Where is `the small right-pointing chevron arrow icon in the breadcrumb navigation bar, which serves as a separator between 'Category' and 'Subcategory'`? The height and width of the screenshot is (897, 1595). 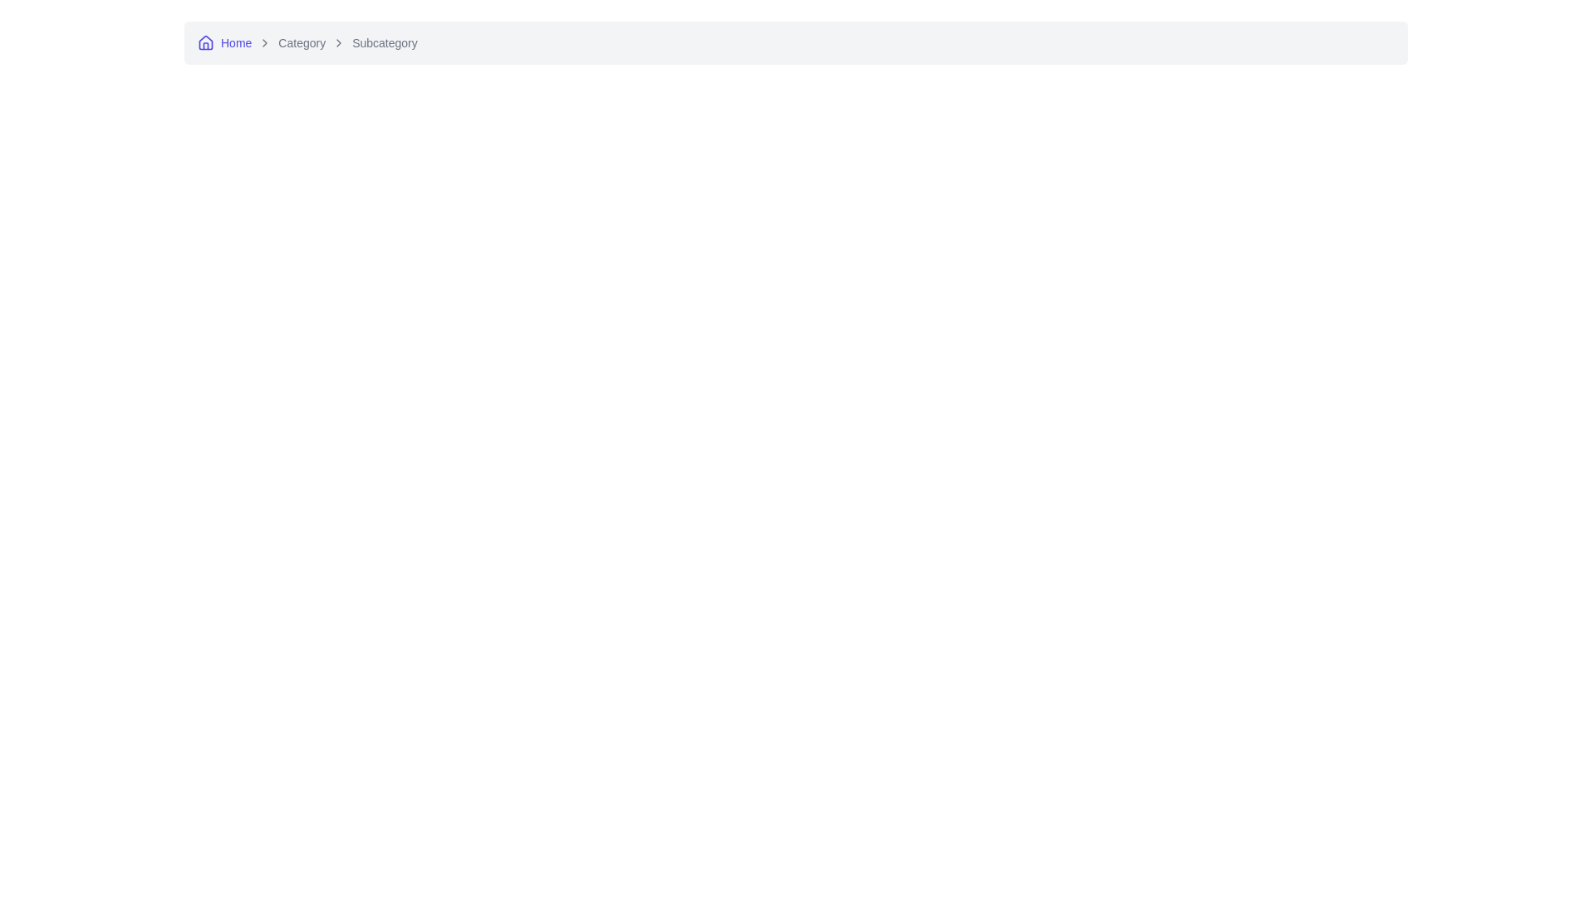
the small right-pointing chevron arrow icon in the breadcrumb navigation bar, which serves as a separator between 'Category' and 'Subcategory' is located at coordinates (338, 42).